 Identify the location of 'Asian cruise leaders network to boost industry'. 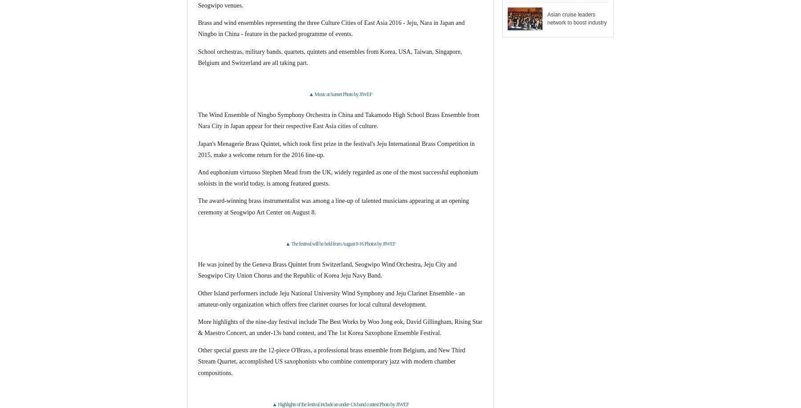
(447, 18).